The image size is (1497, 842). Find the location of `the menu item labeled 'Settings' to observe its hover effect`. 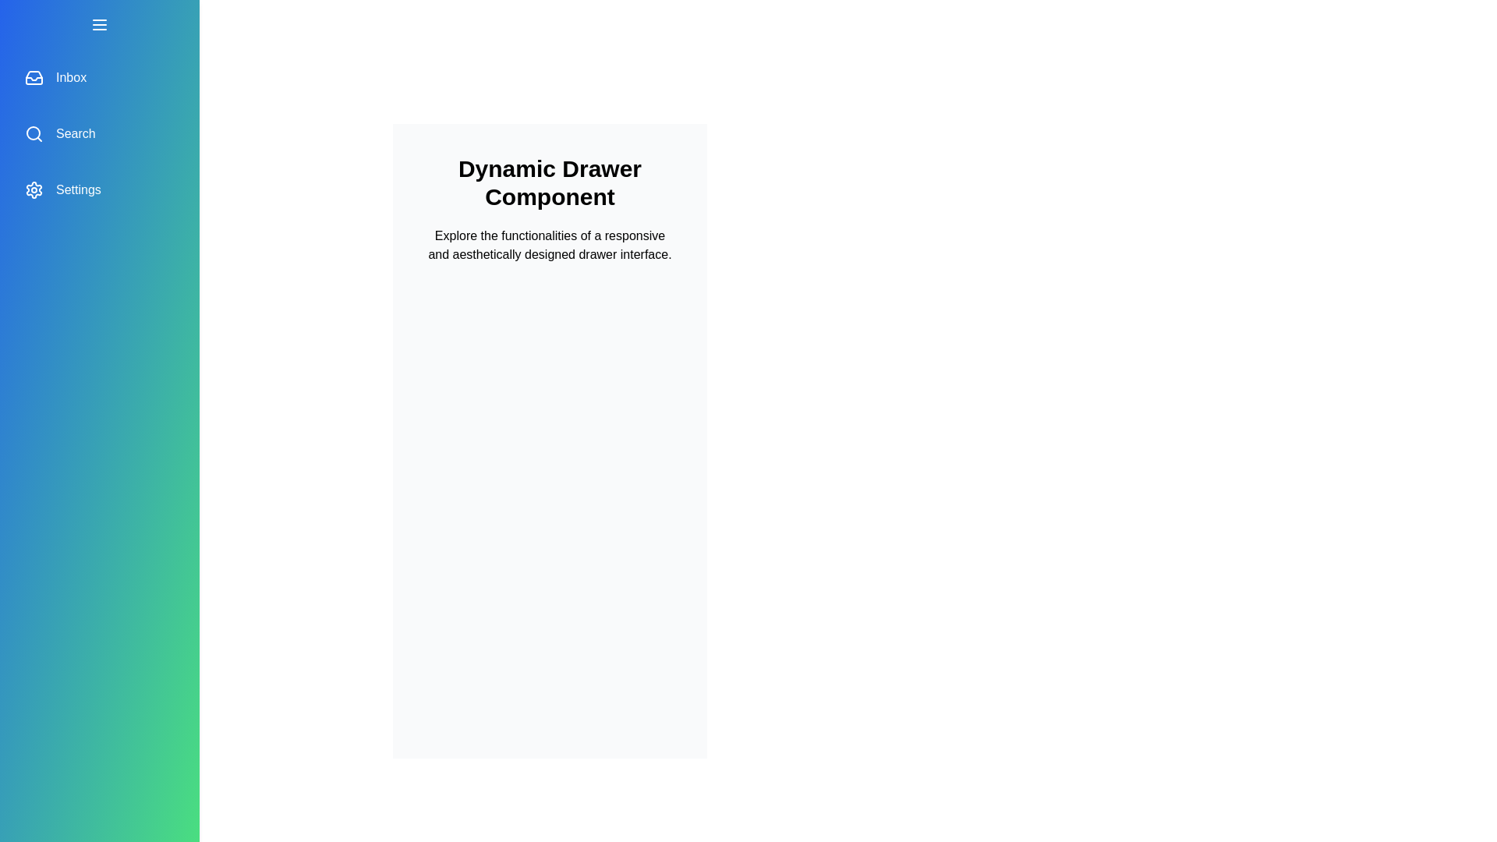

the menu item labeled 'Settings' to observe its hover effect is located at coordinates (99, 189).